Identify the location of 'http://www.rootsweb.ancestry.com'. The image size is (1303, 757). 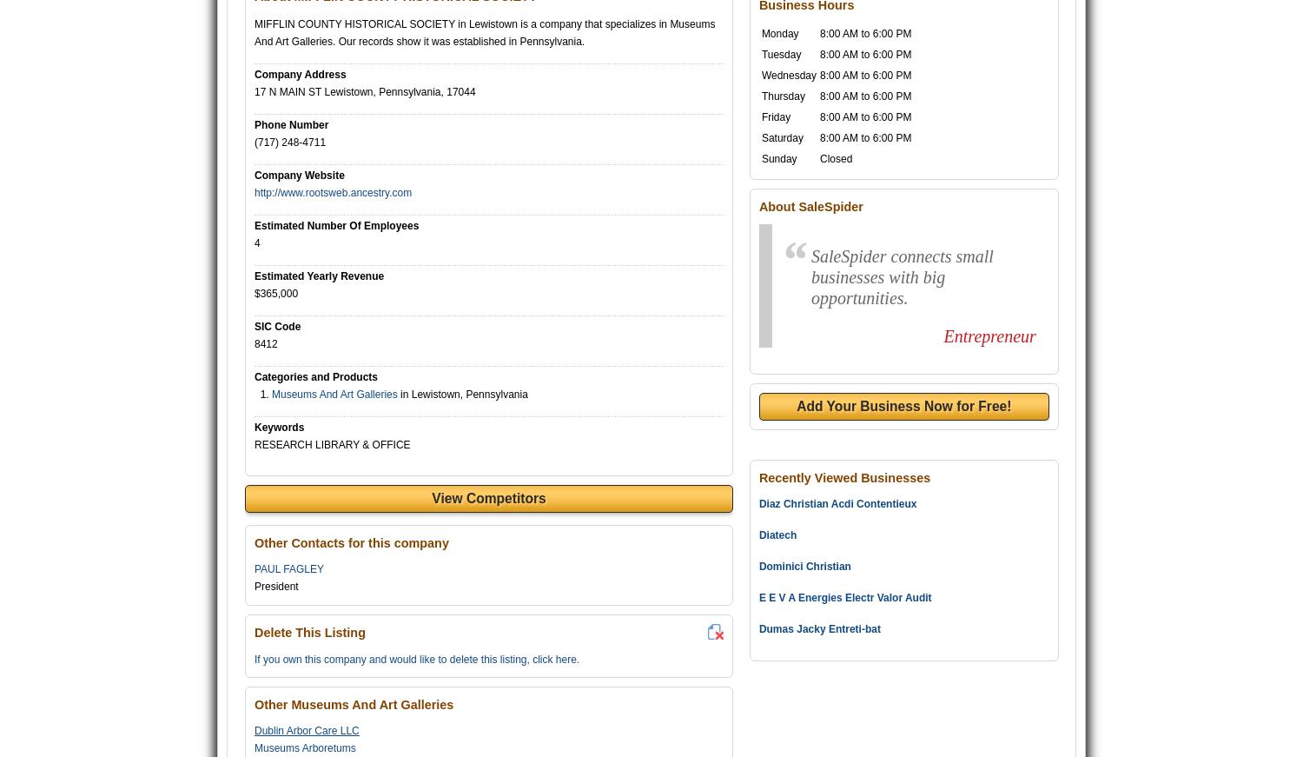
(333, 193).